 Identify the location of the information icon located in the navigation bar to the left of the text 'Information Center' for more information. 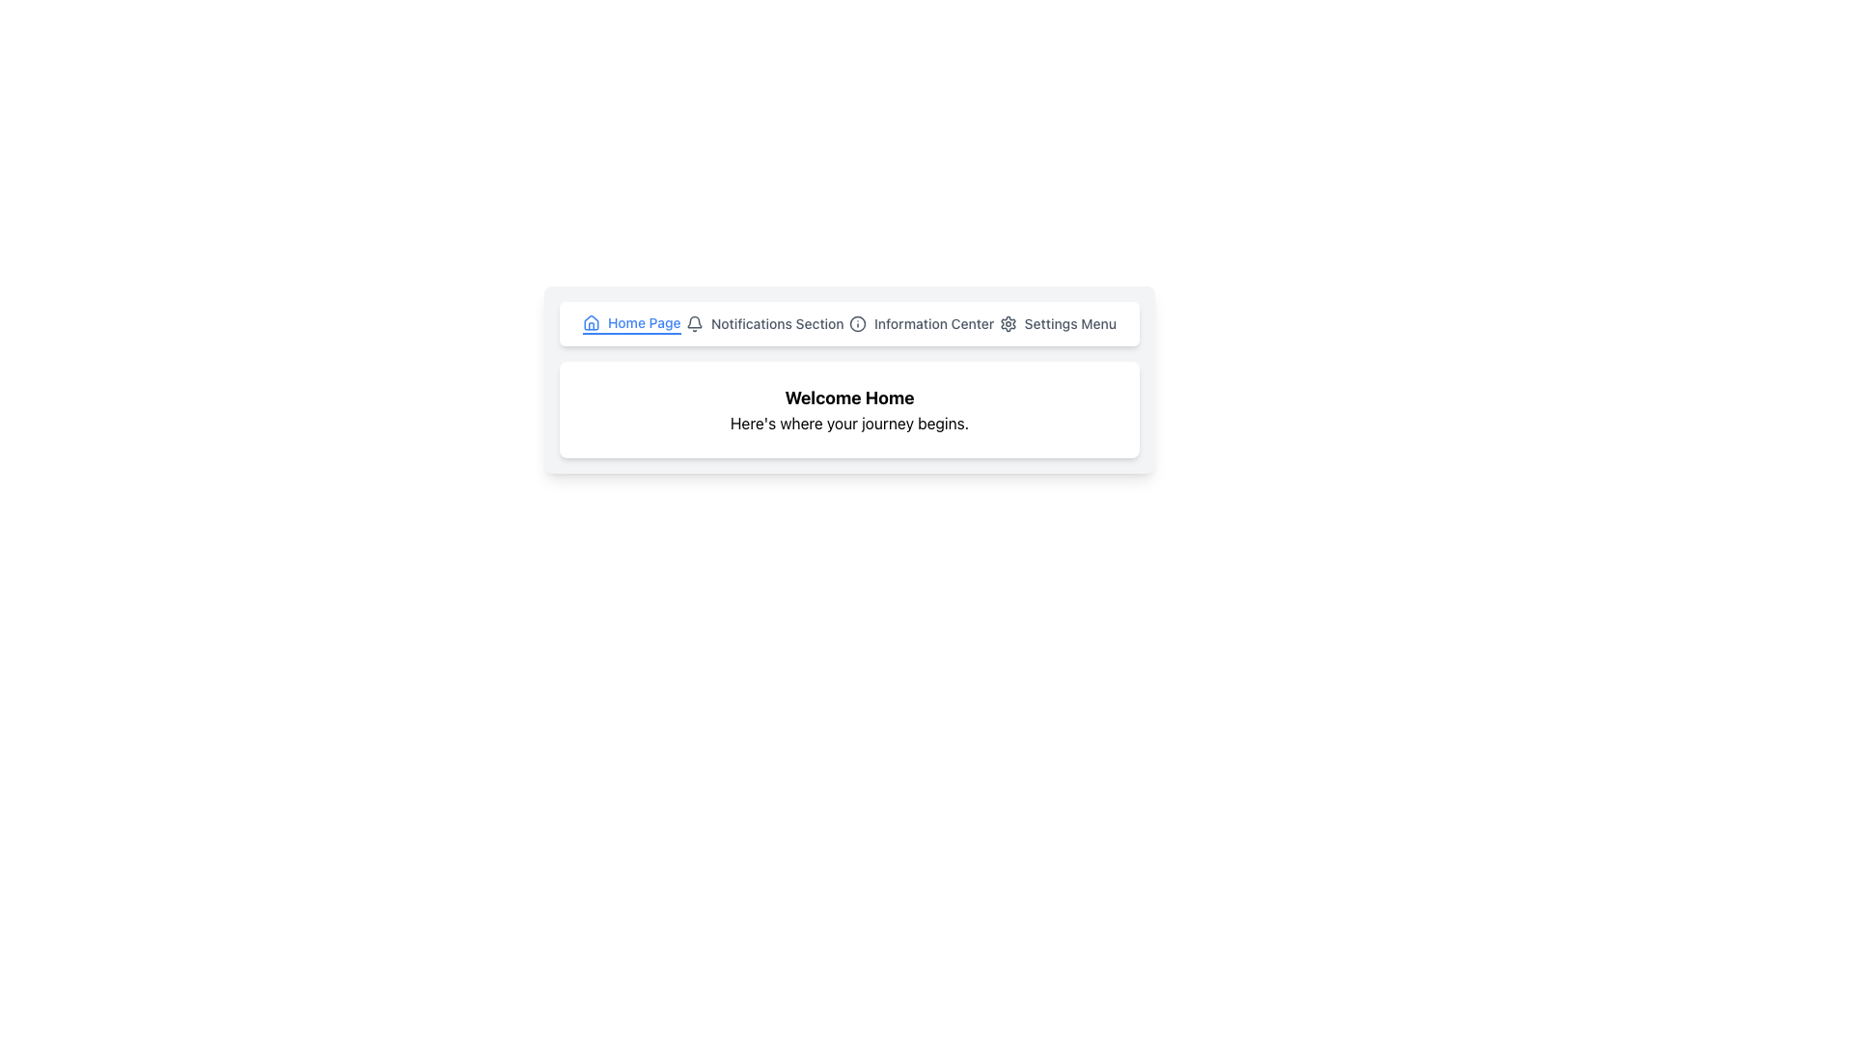
(856, 322).